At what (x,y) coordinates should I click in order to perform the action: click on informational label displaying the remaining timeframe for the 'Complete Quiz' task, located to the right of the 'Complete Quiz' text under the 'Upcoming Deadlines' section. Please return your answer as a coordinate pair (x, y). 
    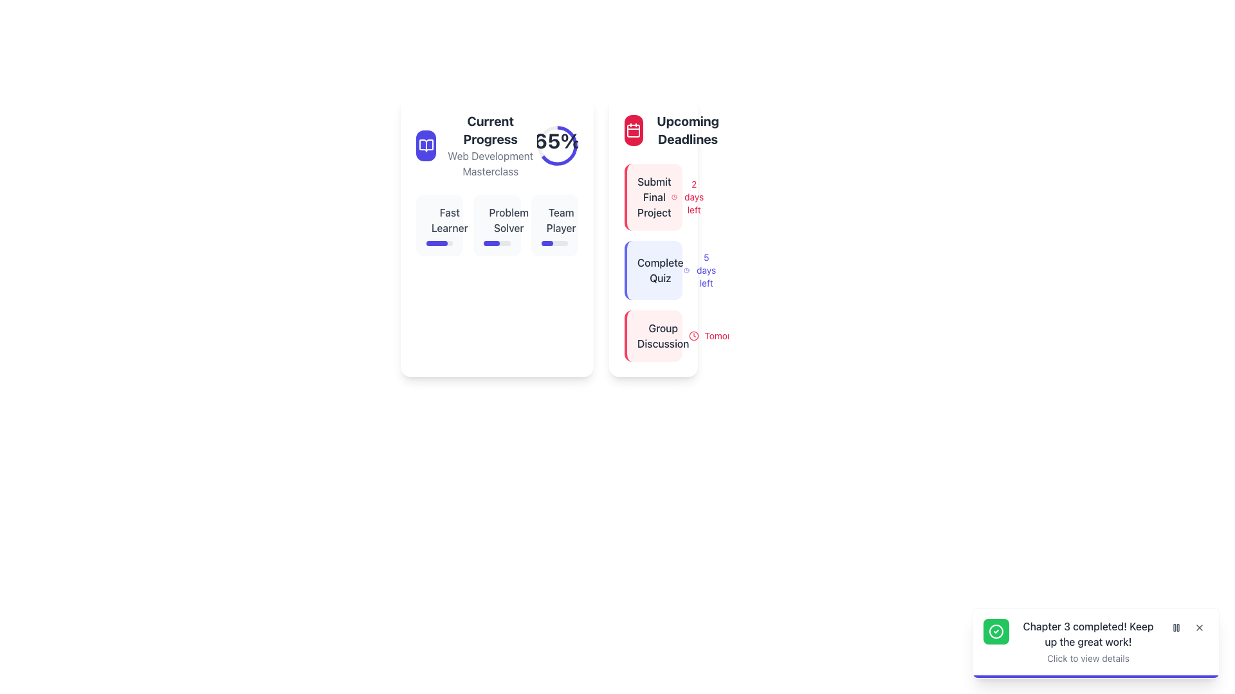
    Looking at the image, I should click on (700, 269).